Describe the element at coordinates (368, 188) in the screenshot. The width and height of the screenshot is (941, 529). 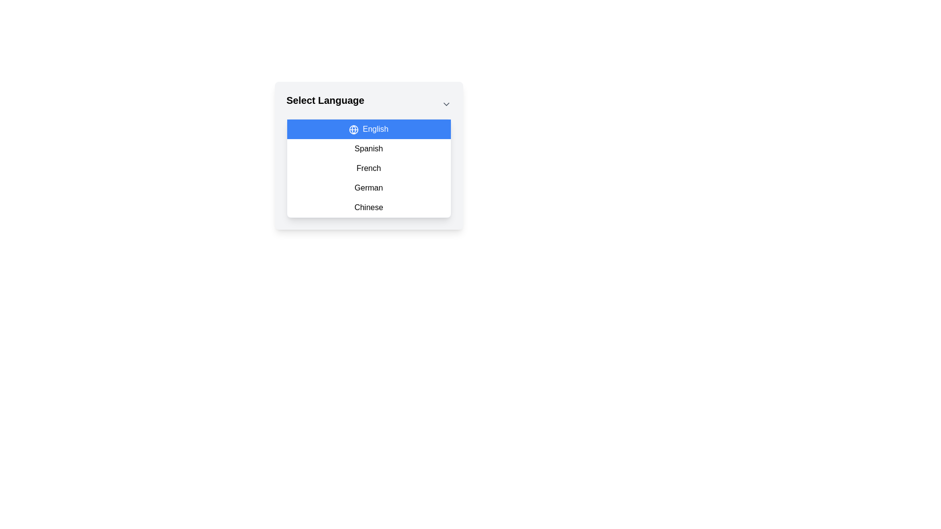
I see `the selectable text item 'German' in the dropdown menu` at that location.